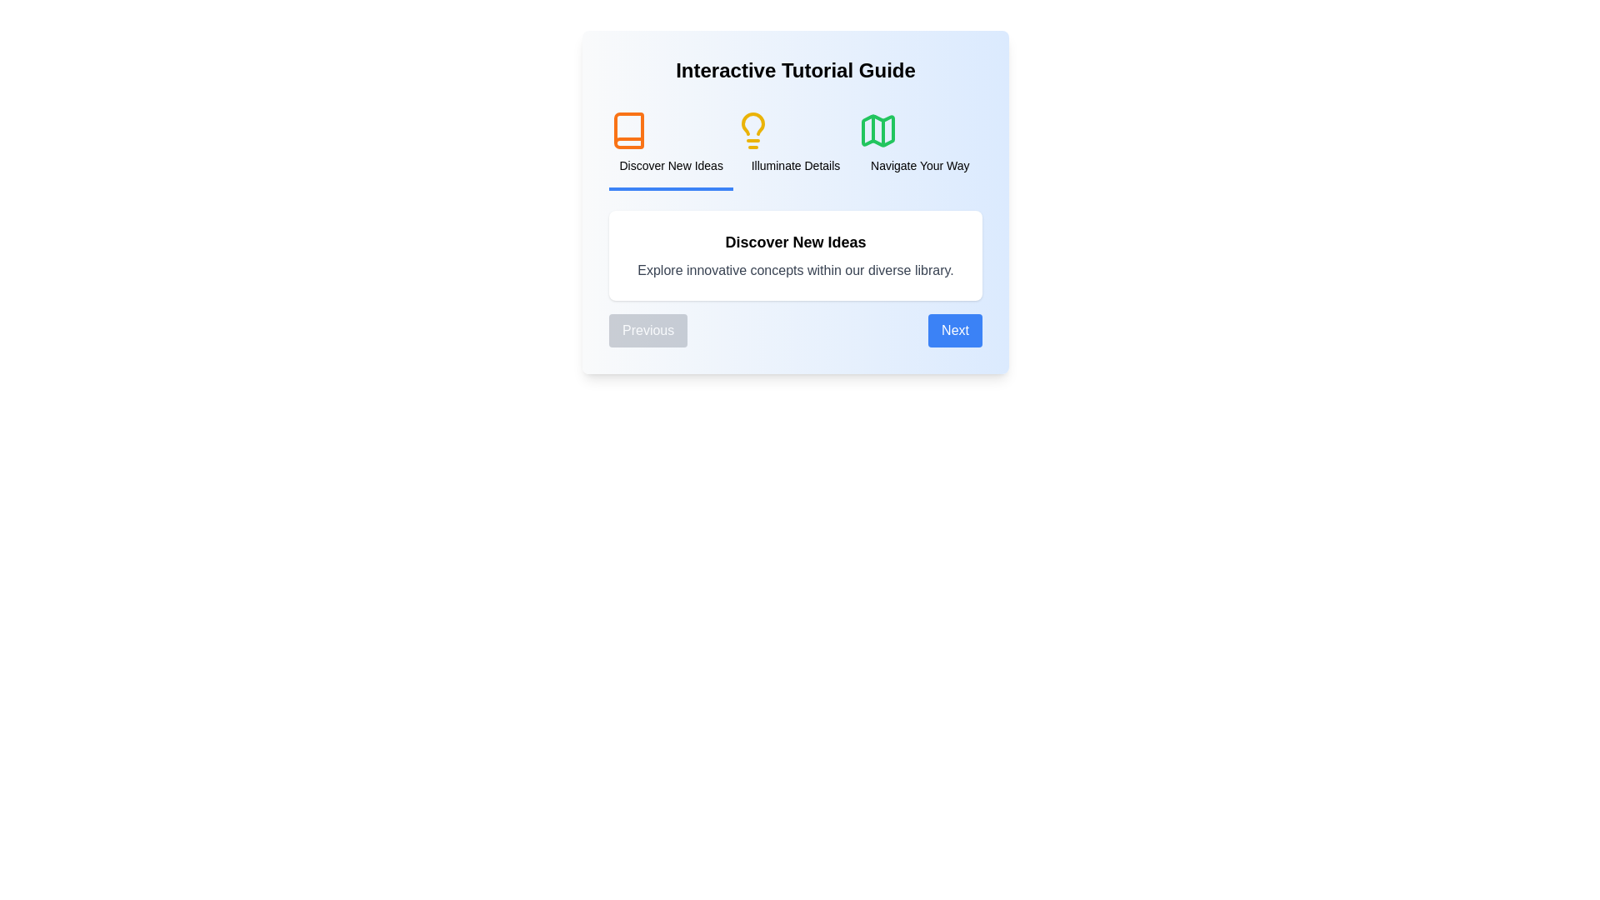  I want to click on 'Next' button to proceed to the next step in the guide, so click(955, 331).